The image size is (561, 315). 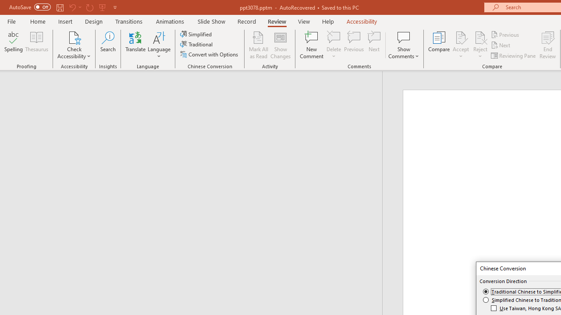 What do you see at coordinates (460, 37) in the screenshot?
I see `'Accept Change'` at bounding box center [460, 37].